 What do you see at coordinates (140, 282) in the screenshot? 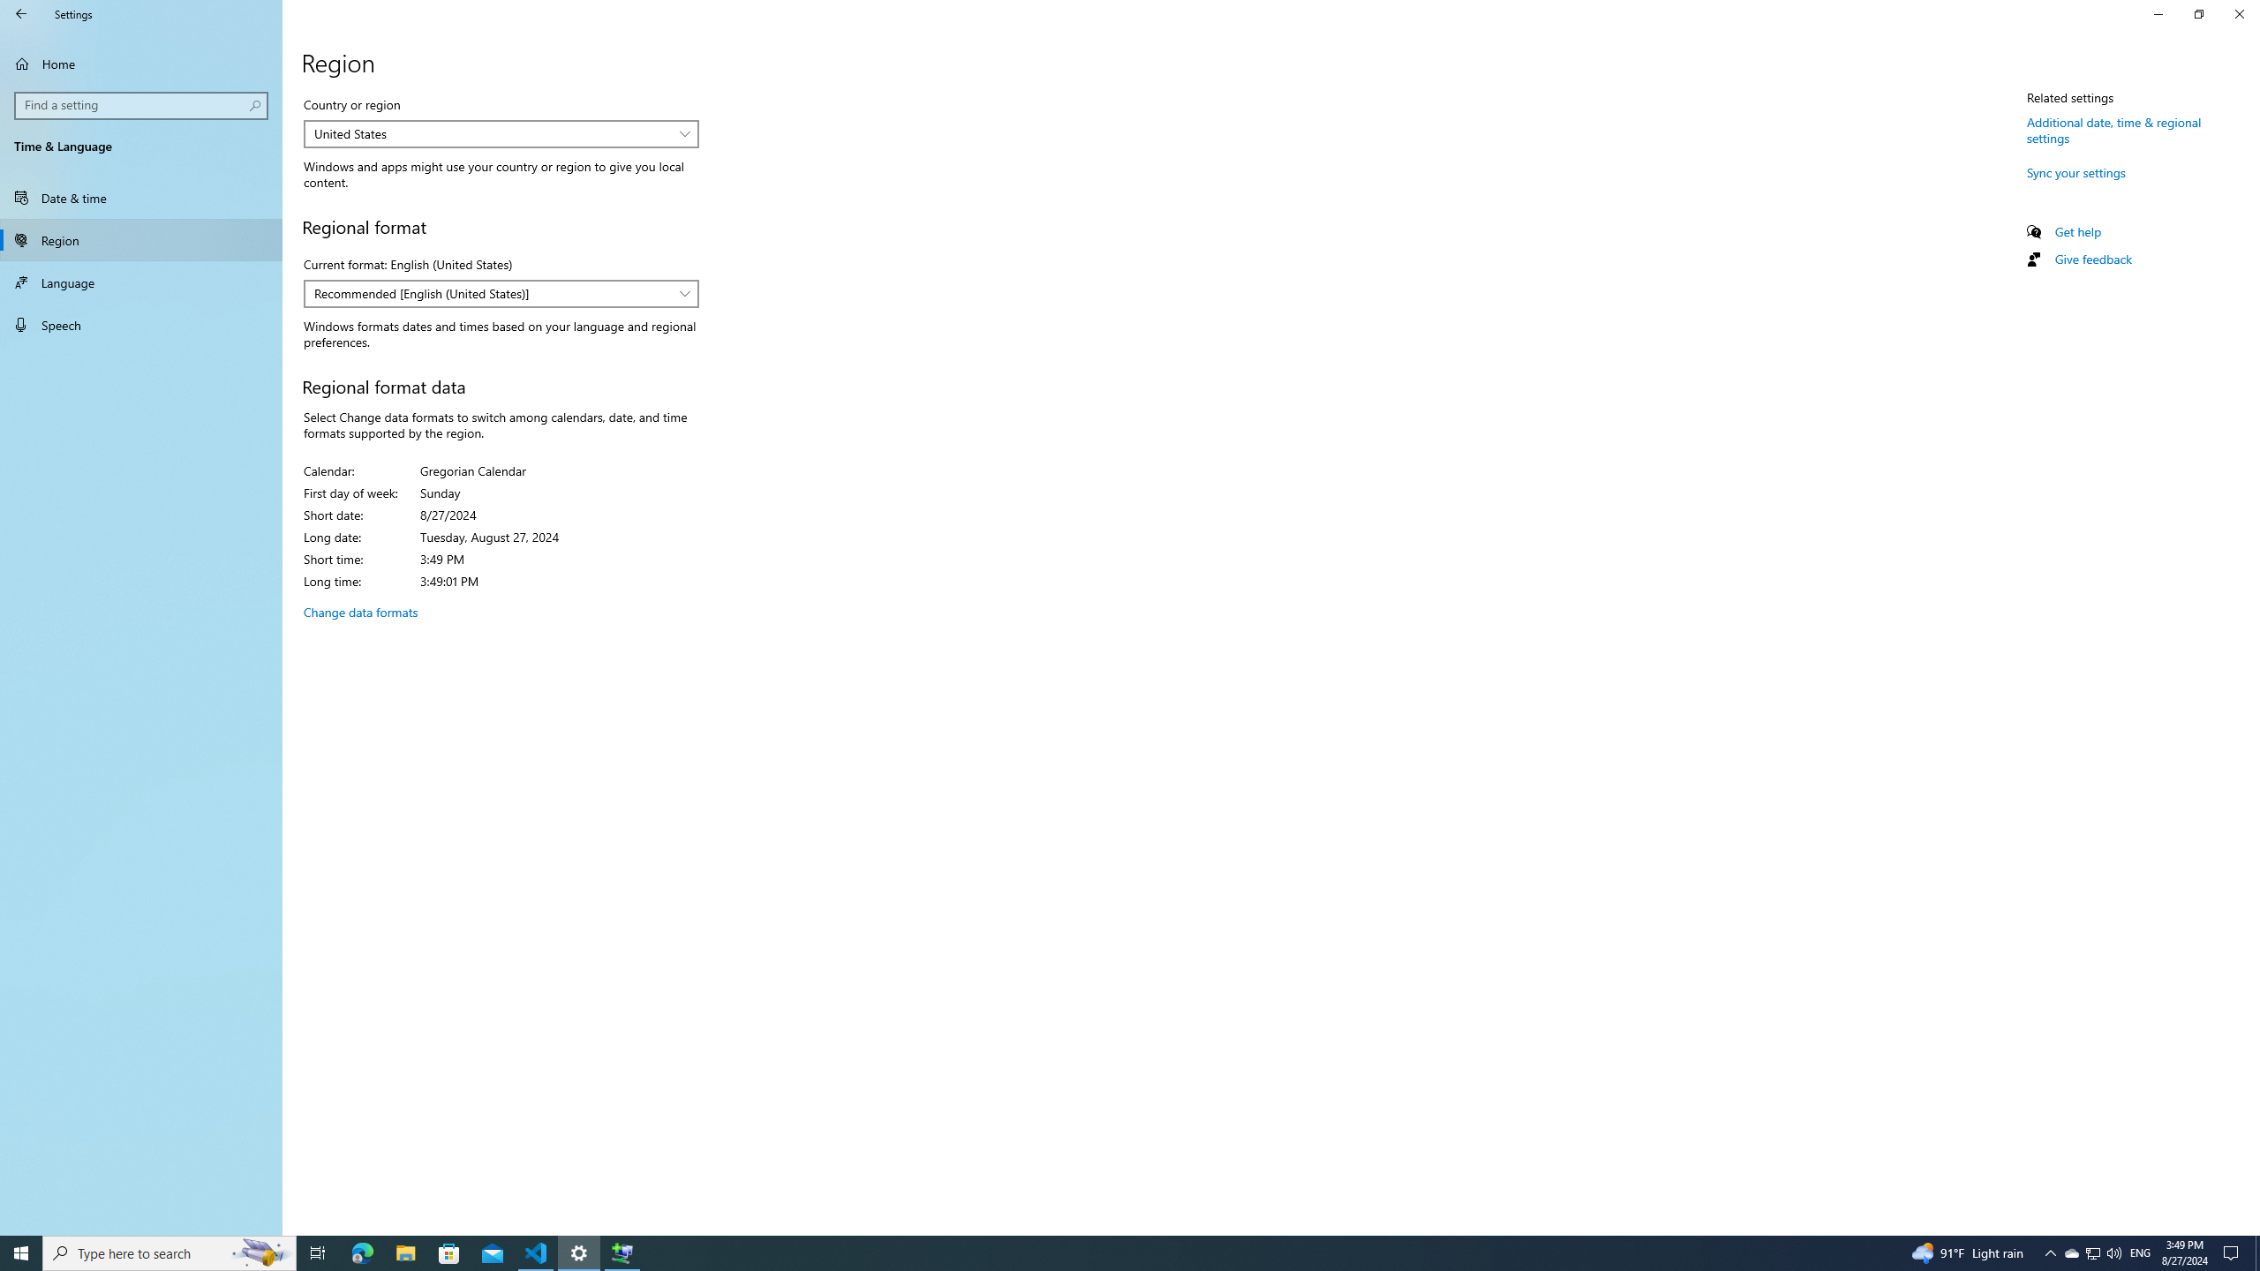
I see `'Language'` at bounding box center [140, 282].